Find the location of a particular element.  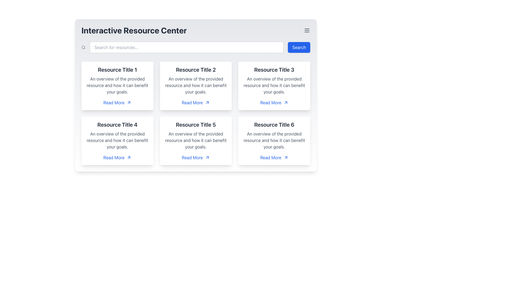

the first resource card in the grid layout, which contains a title and description along with a 'Read More' link is located at coordinates (117, 86).